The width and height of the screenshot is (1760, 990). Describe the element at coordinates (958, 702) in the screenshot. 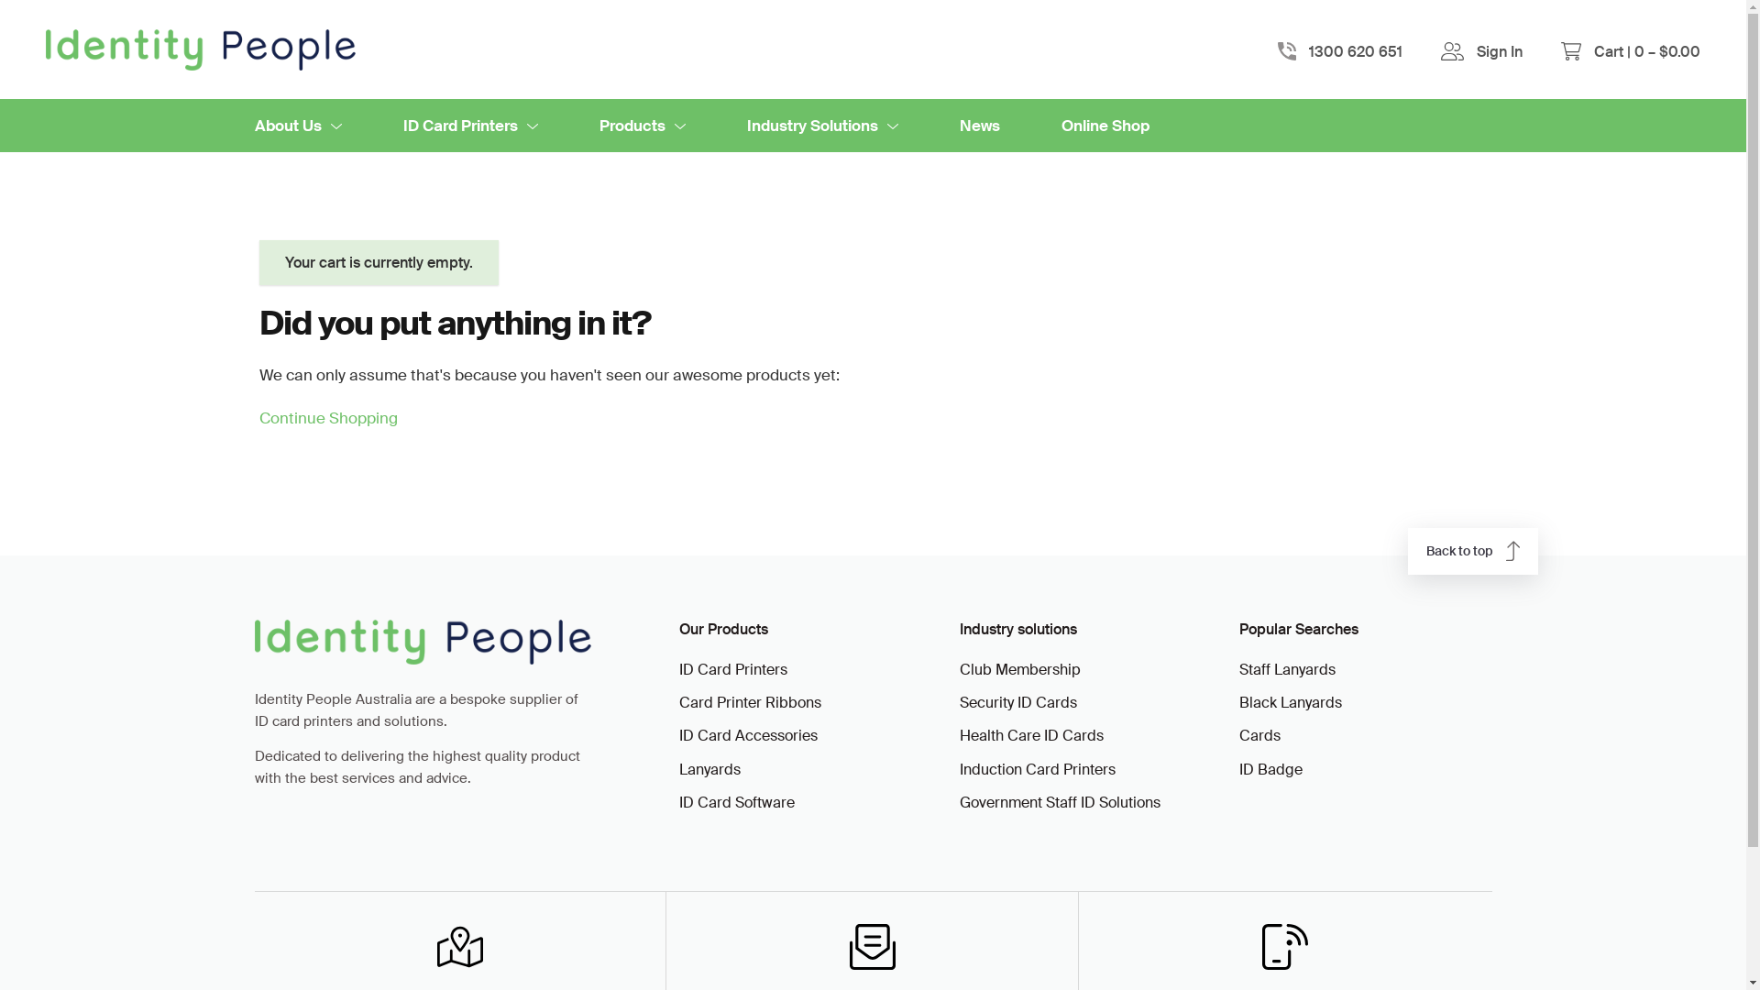

I see `'Security ID Cards'` at that location.